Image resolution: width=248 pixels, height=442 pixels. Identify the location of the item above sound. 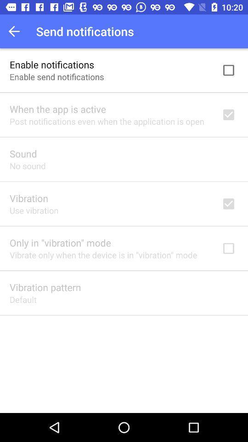
(106, 121).